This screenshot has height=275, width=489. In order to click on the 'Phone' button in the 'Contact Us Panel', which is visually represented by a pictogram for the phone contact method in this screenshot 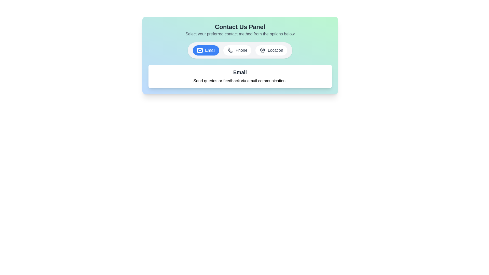, I will do `click(230, 50)`.